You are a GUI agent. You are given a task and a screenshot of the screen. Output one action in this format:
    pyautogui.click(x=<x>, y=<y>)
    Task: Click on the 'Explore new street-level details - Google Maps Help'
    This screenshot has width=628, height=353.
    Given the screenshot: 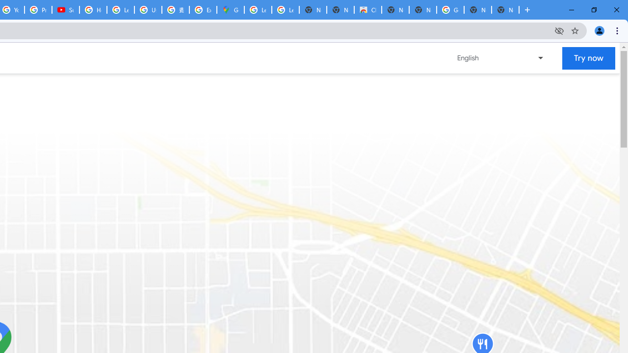 What is the action you would take?
    pyautogui.click(x=203, y=10)
    